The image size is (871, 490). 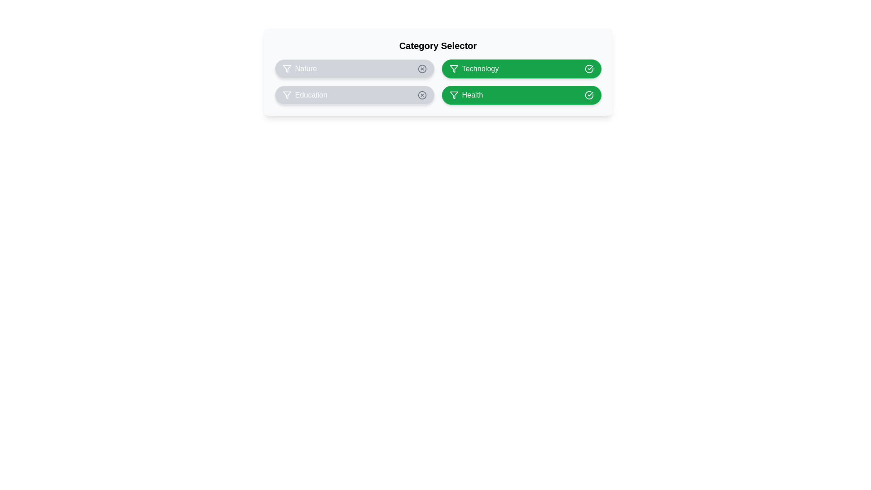 I want to click on the tag Education by clicking on it, so click(x=354, y=95).